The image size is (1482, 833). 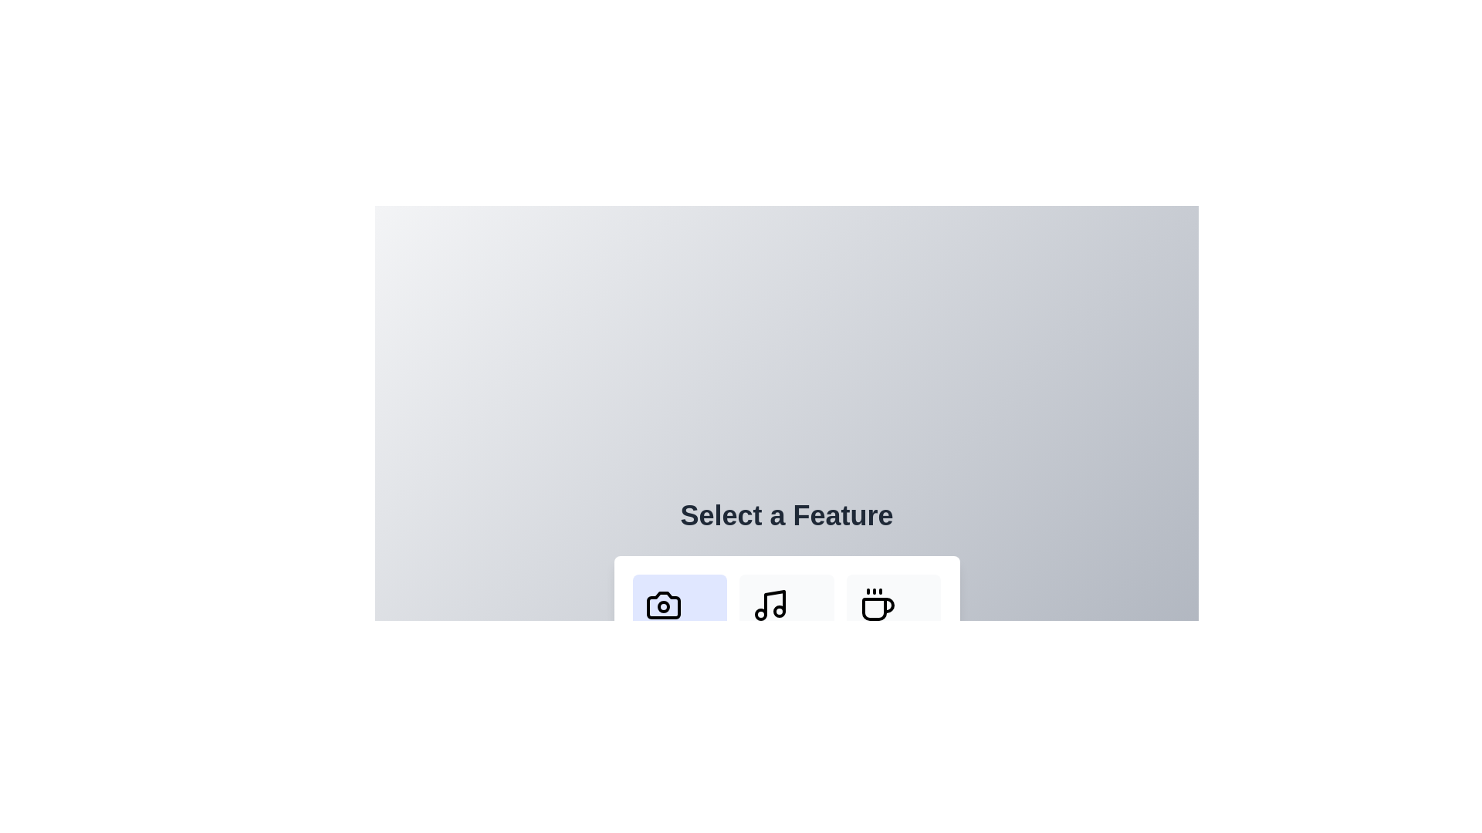 What do you see at coordinates (877, 605) in the screenshot?
I see `the coffee or beverages option button located in the 'Select a Feature' panel, which is the third icon from the left` at bounding box center [877, 605].